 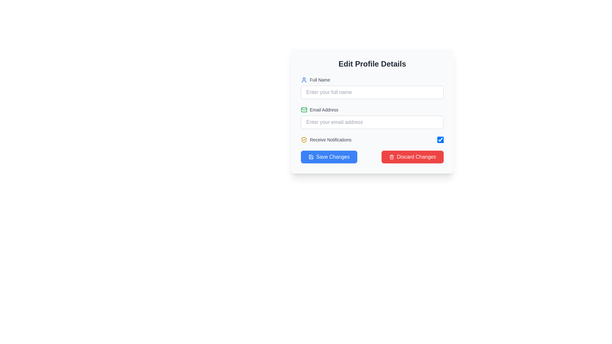 I want to click on the yellow-checked checkbox that is aligned with the text 'Receive Notifications', so click(x=440, y=140).